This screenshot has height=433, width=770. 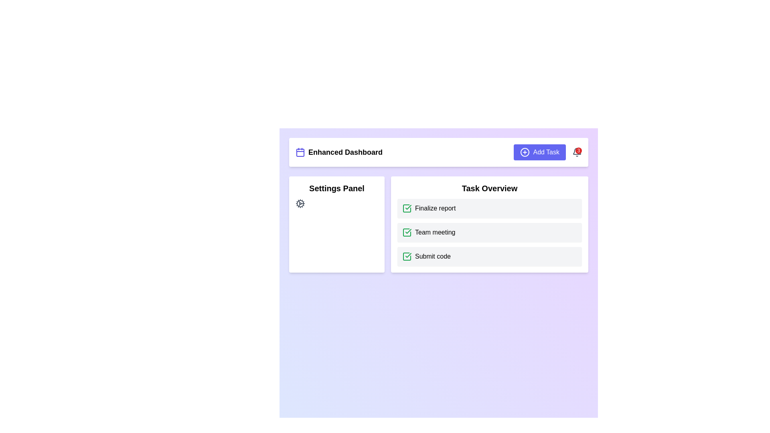 I want to click on the green square check icon with a check mark located on the left of the text label within the 'Finalize report' task card, so click(x=407, y=208).